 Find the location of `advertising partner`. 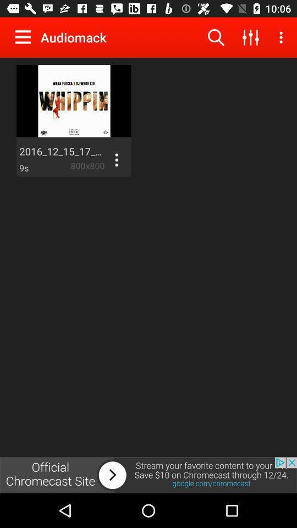

advertising partner is located at coordinates (148, 475).